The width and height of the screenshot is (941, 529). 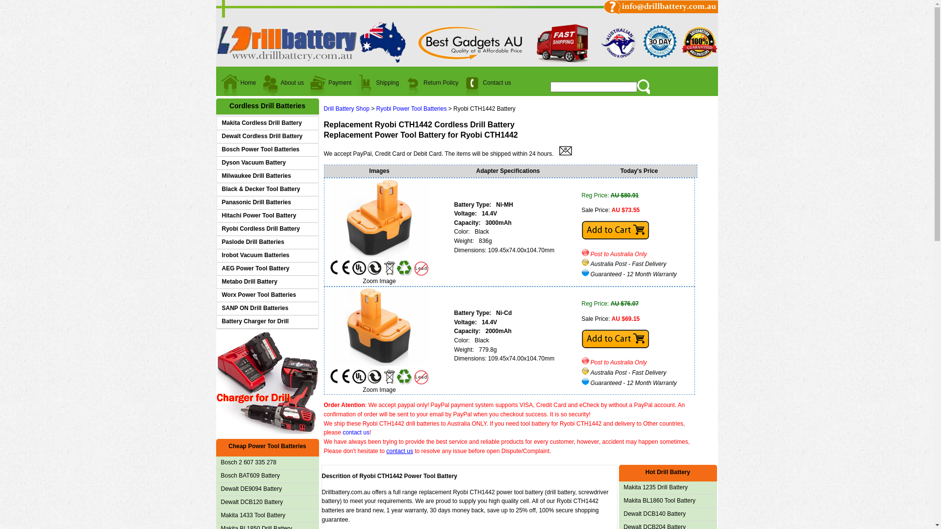 What do you see at coordinates (355, 432) in the screenshot?
I see `'contact us'` at bounding box center [355, 432].